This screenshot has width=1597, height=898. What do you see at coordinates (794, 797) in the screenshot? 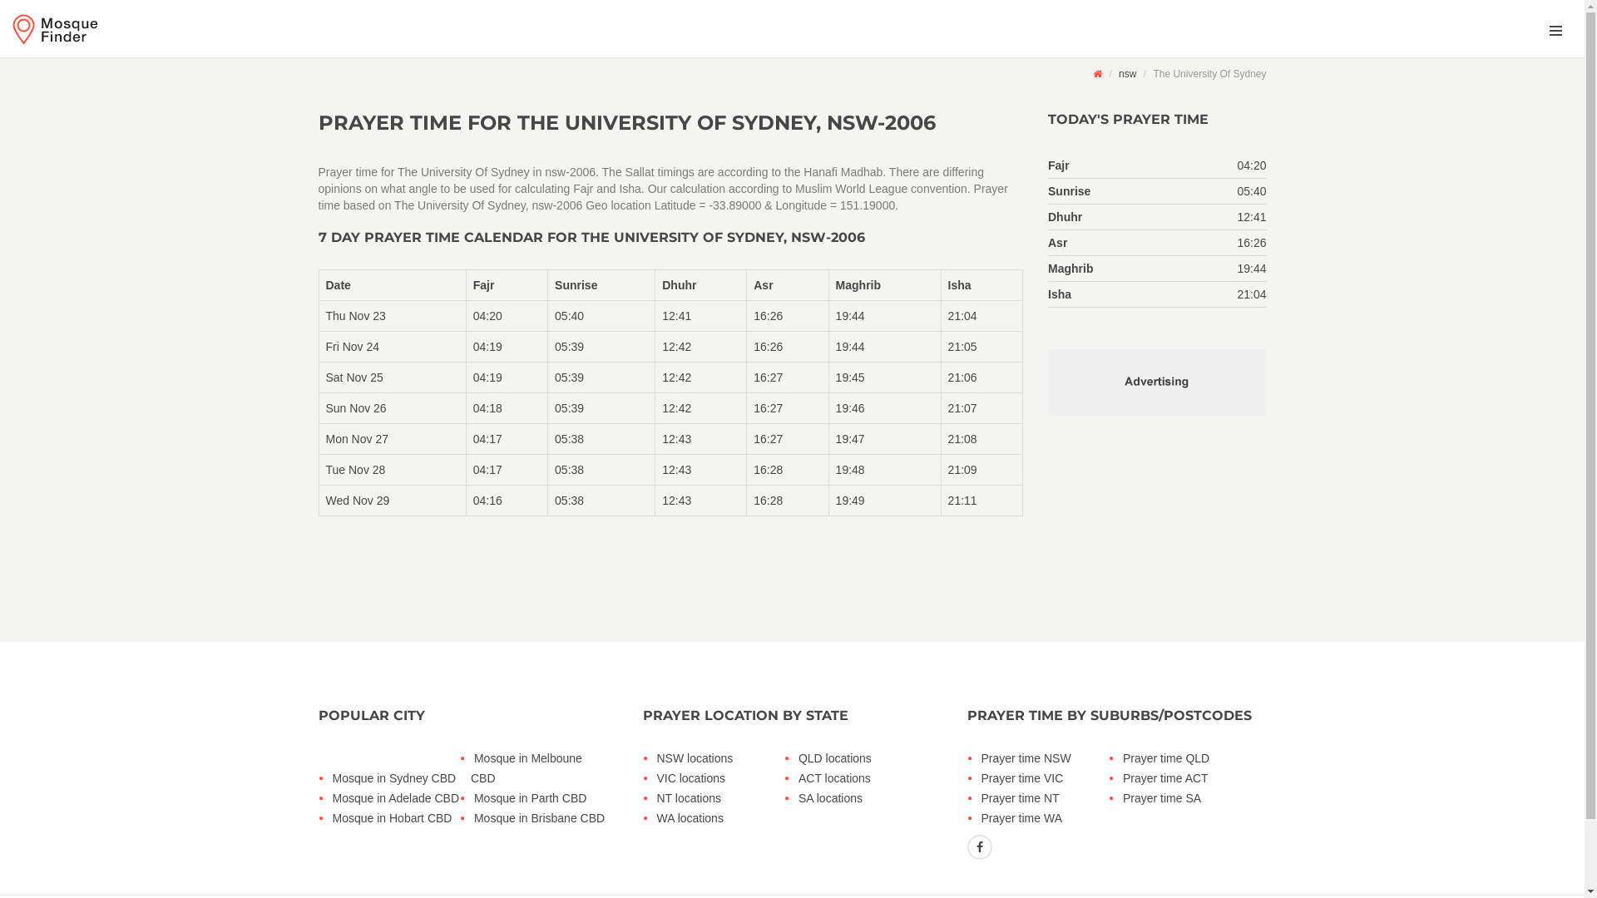
I see `'SA locations'` at bounding box center [794, 797].